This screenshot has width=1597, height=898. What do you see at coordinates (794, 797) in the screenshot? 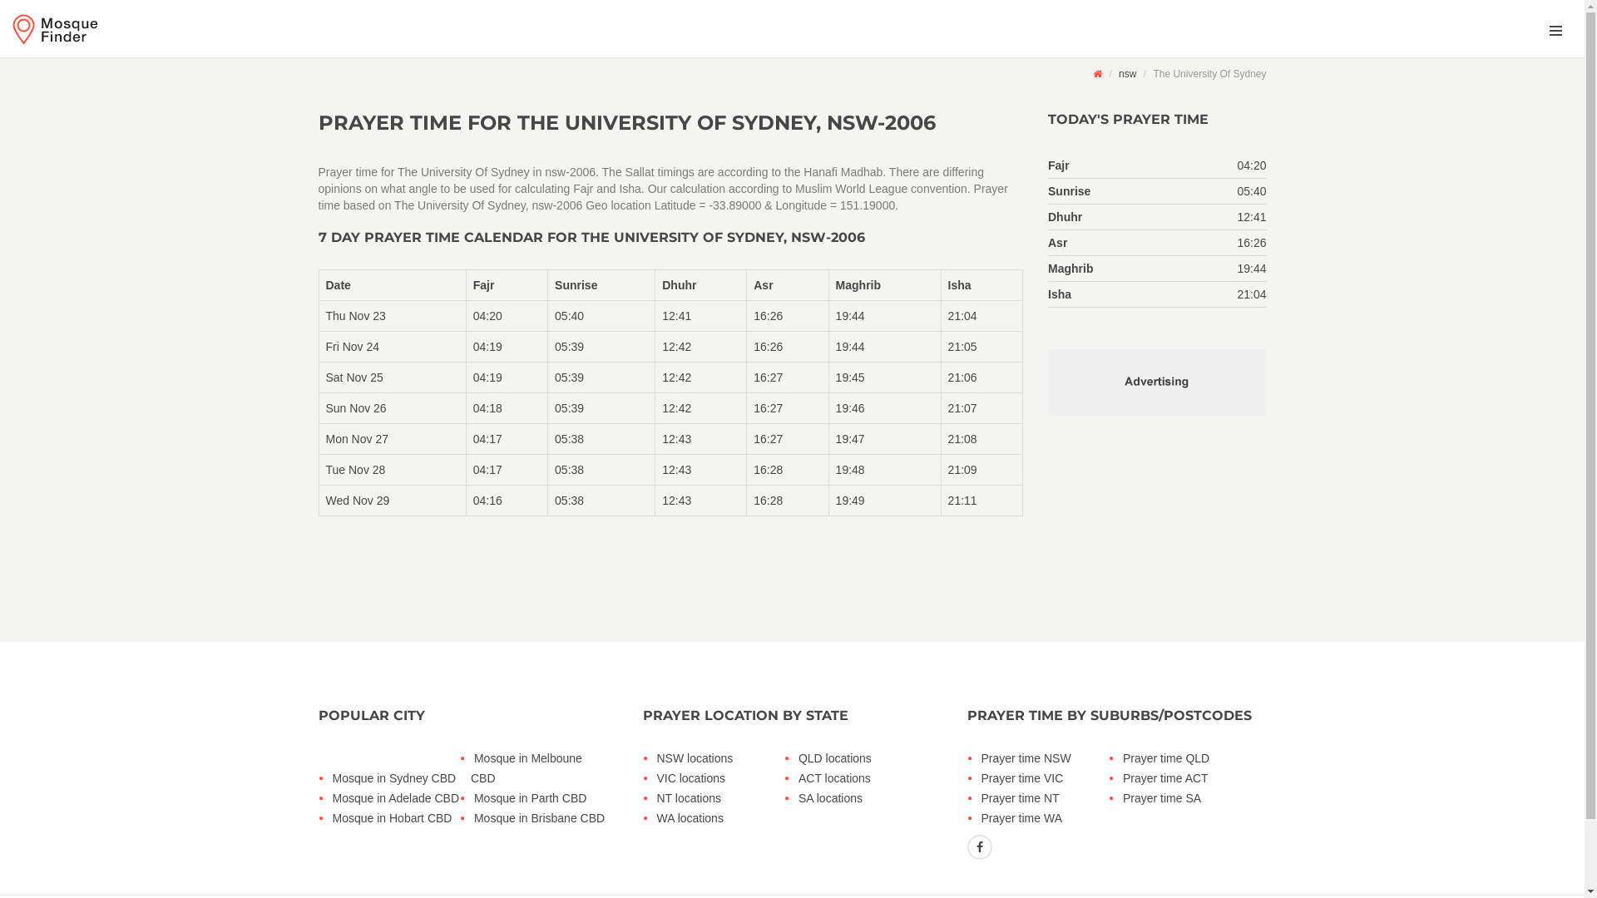
I see `'SA locations'` at bounding box center [794, 797].